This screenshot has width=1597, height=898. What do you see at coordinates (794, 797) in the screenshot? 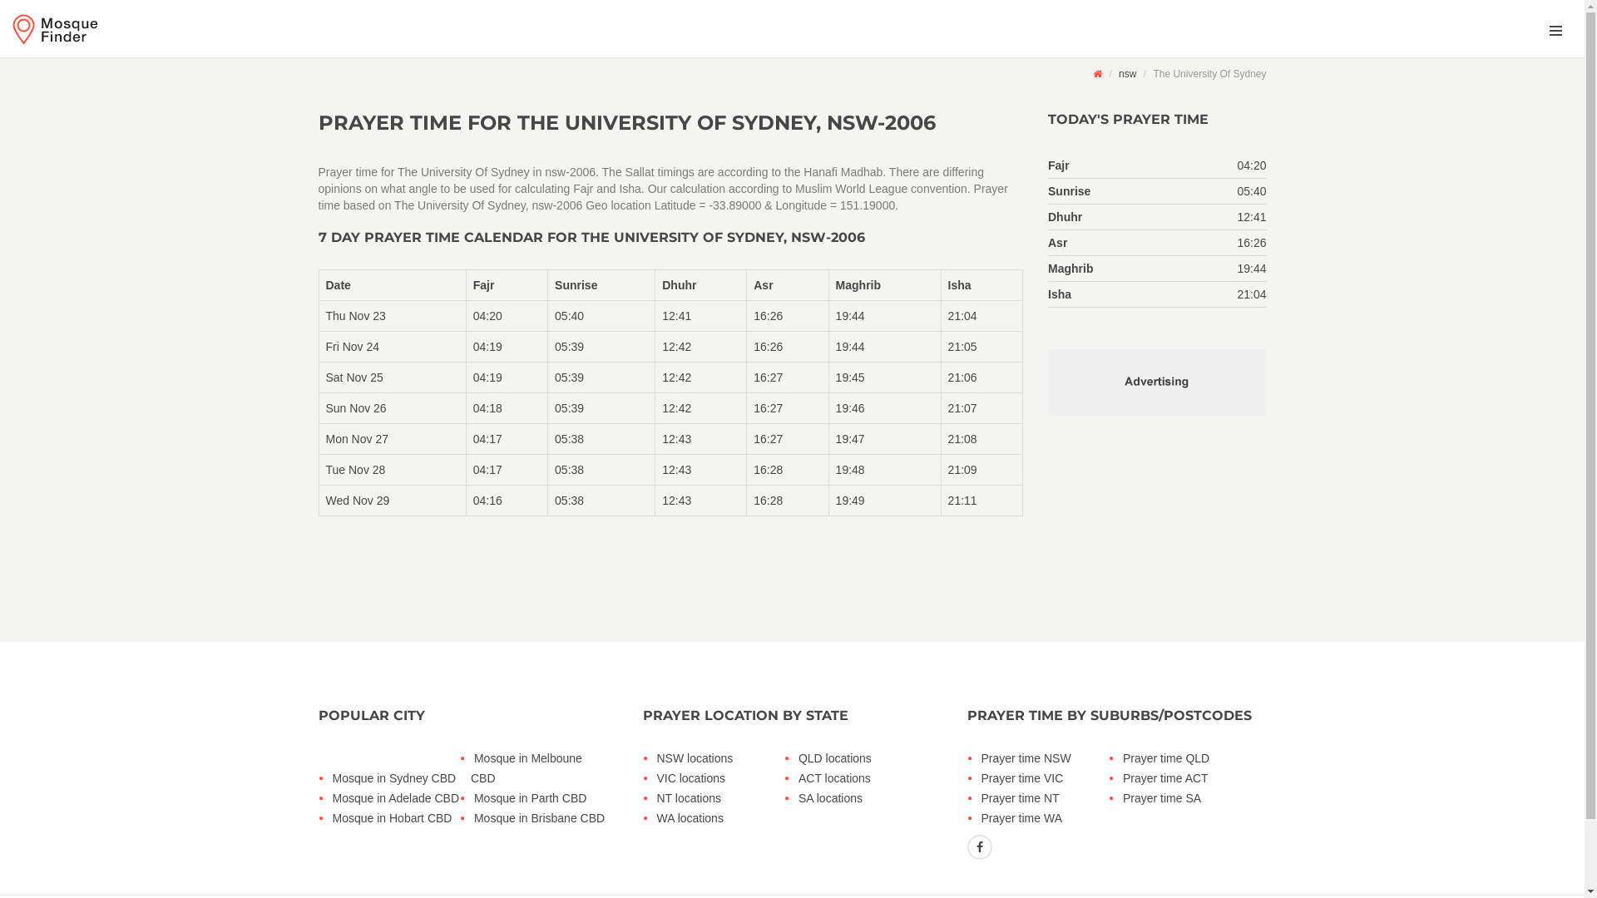
I see `'SA locations'` at bounding box center [794, 797].